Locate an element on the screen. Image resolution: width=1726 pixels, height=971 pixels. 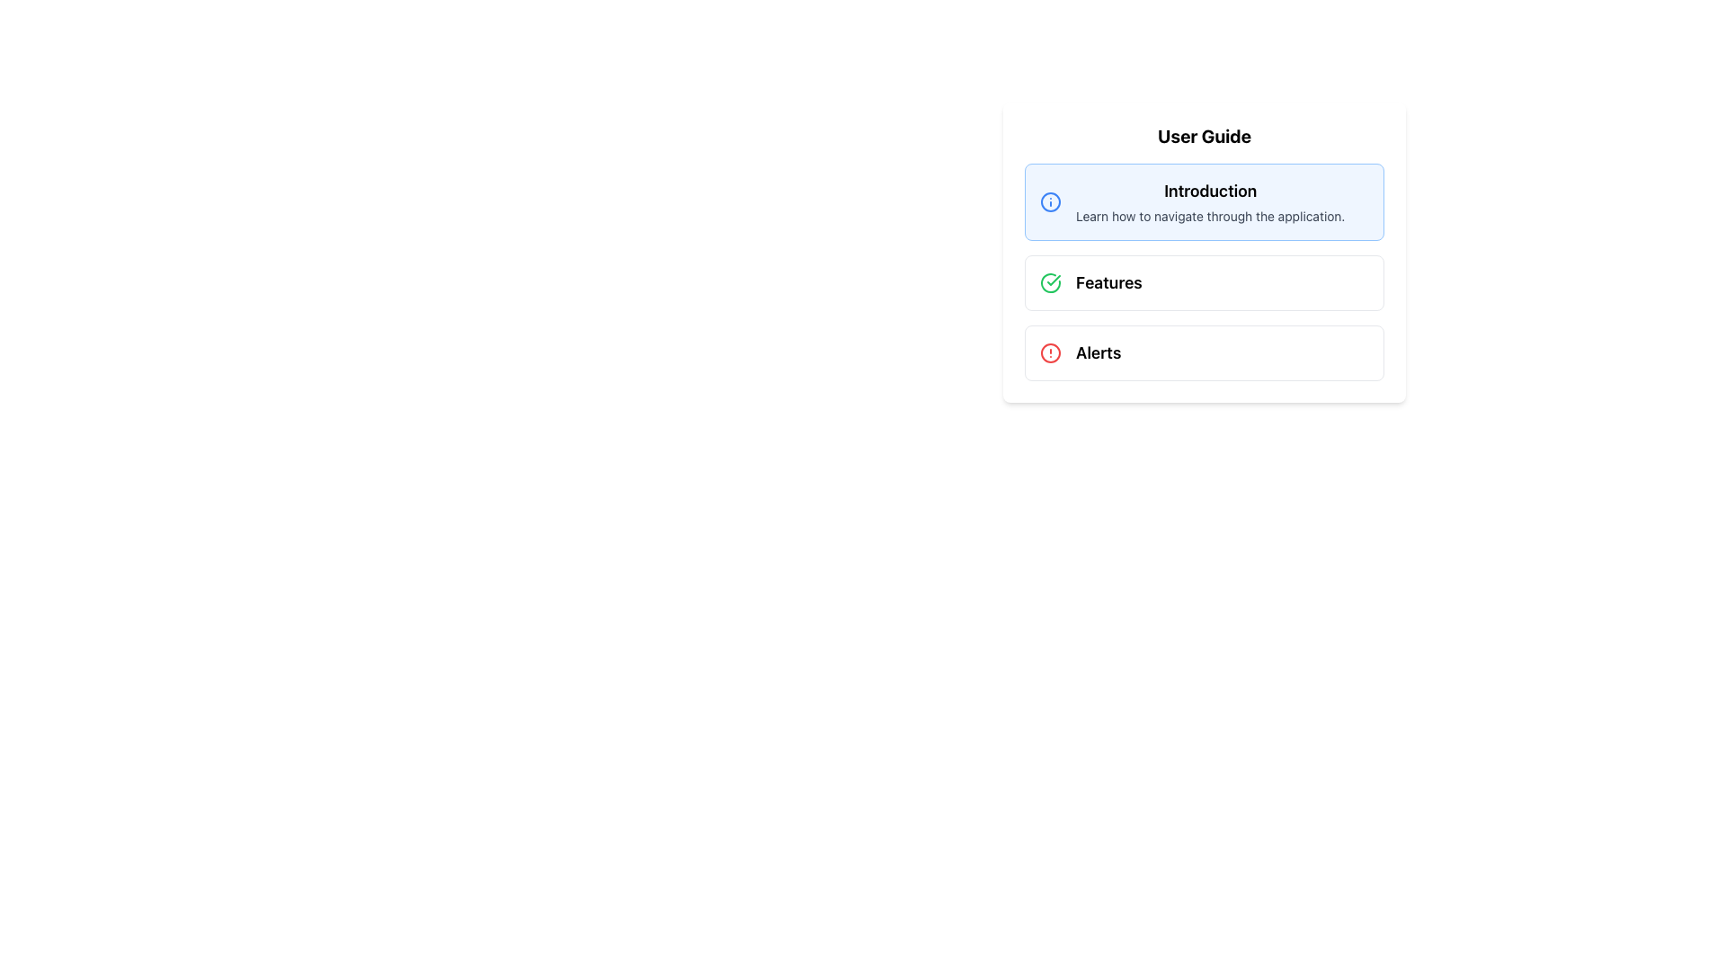
the 'User Guide' header text, which is styled with bold and extra-large font, located at the top of a centered card-like section is located at coordinates (1204, 135).